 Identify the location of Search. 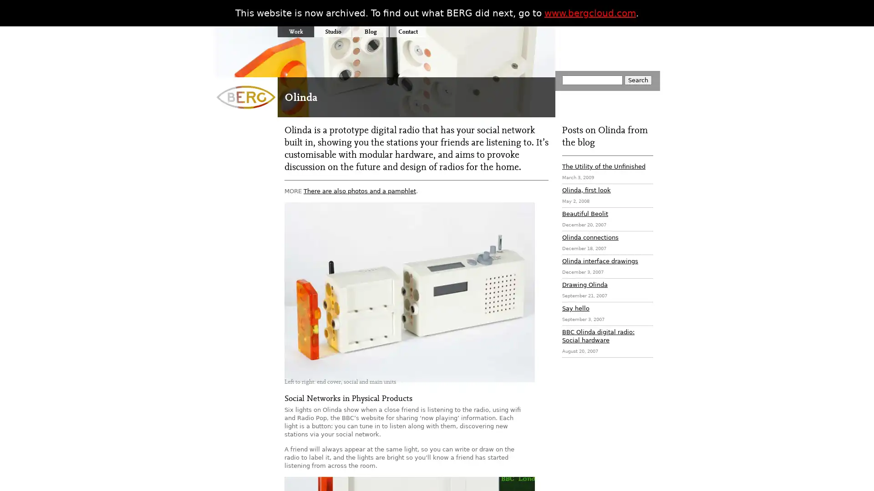
(637, 80).